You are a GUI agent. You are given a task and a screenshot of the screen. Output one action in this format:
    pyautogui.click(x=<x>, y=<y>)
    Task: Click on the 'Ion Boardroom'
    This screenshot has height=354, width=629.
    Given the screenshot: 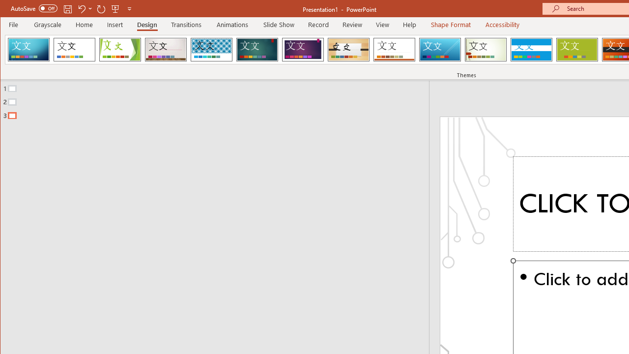 What is the action you would take?
    pyautogui.click(x=302, y=49)
    